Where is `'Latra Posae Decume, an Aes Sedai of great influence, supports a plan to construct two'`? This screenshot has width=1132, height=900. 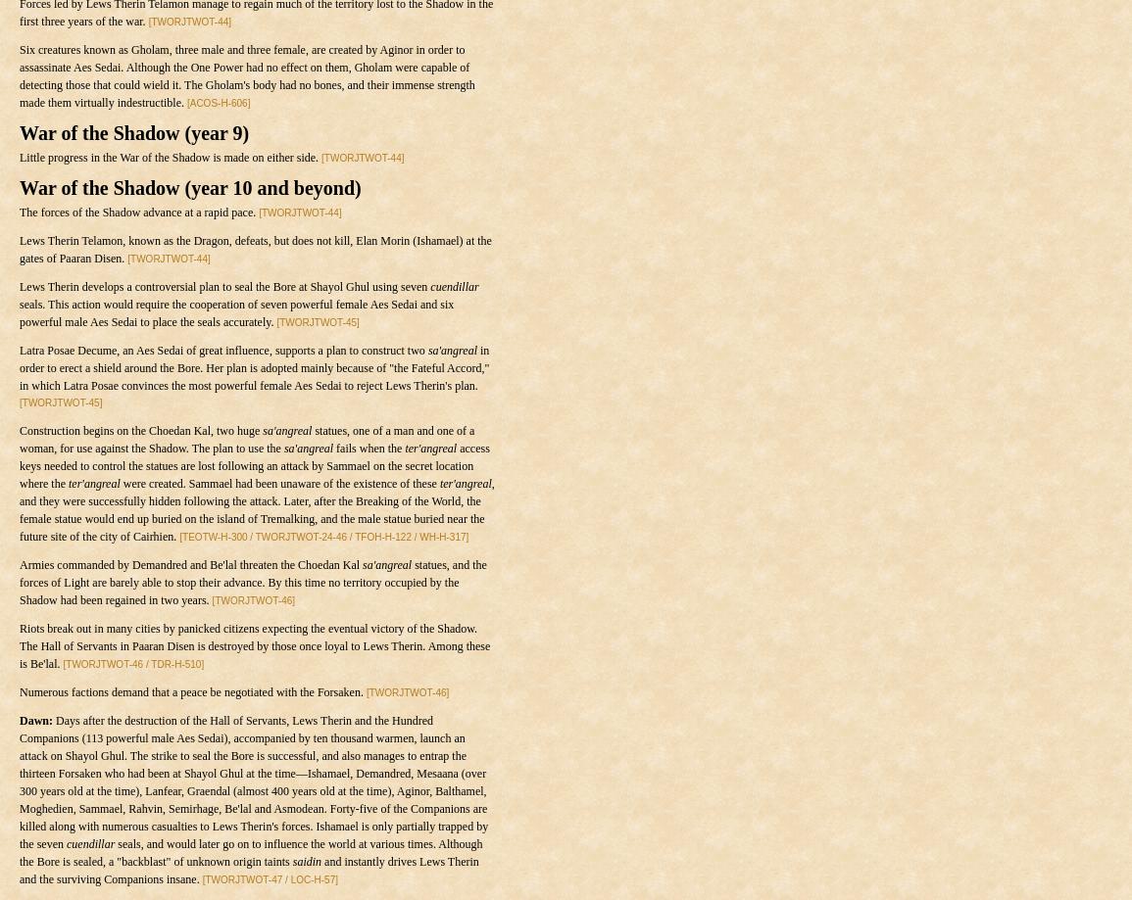
'Latra Posae Decume, an Aes Sedai of great influence, supports a plan to construct two' is located at coordinates (221, 350).